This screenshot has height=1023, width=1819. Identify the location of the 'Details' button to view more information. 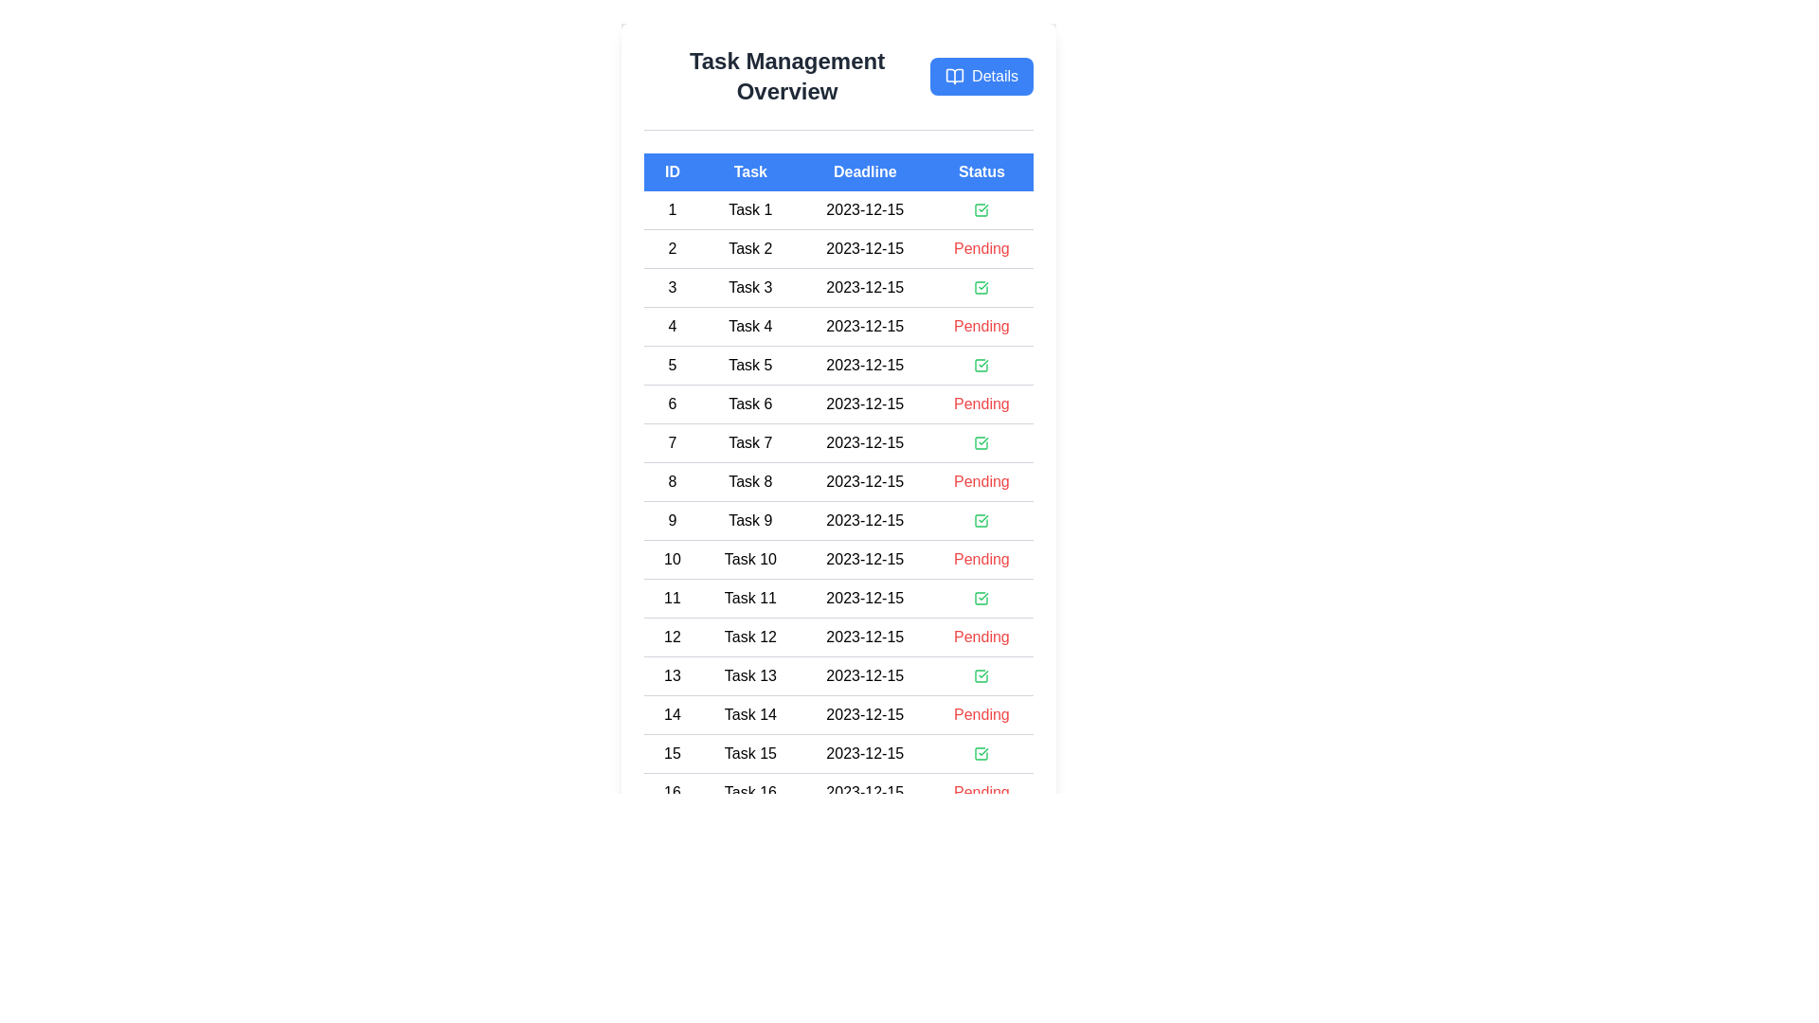
(982, 76).